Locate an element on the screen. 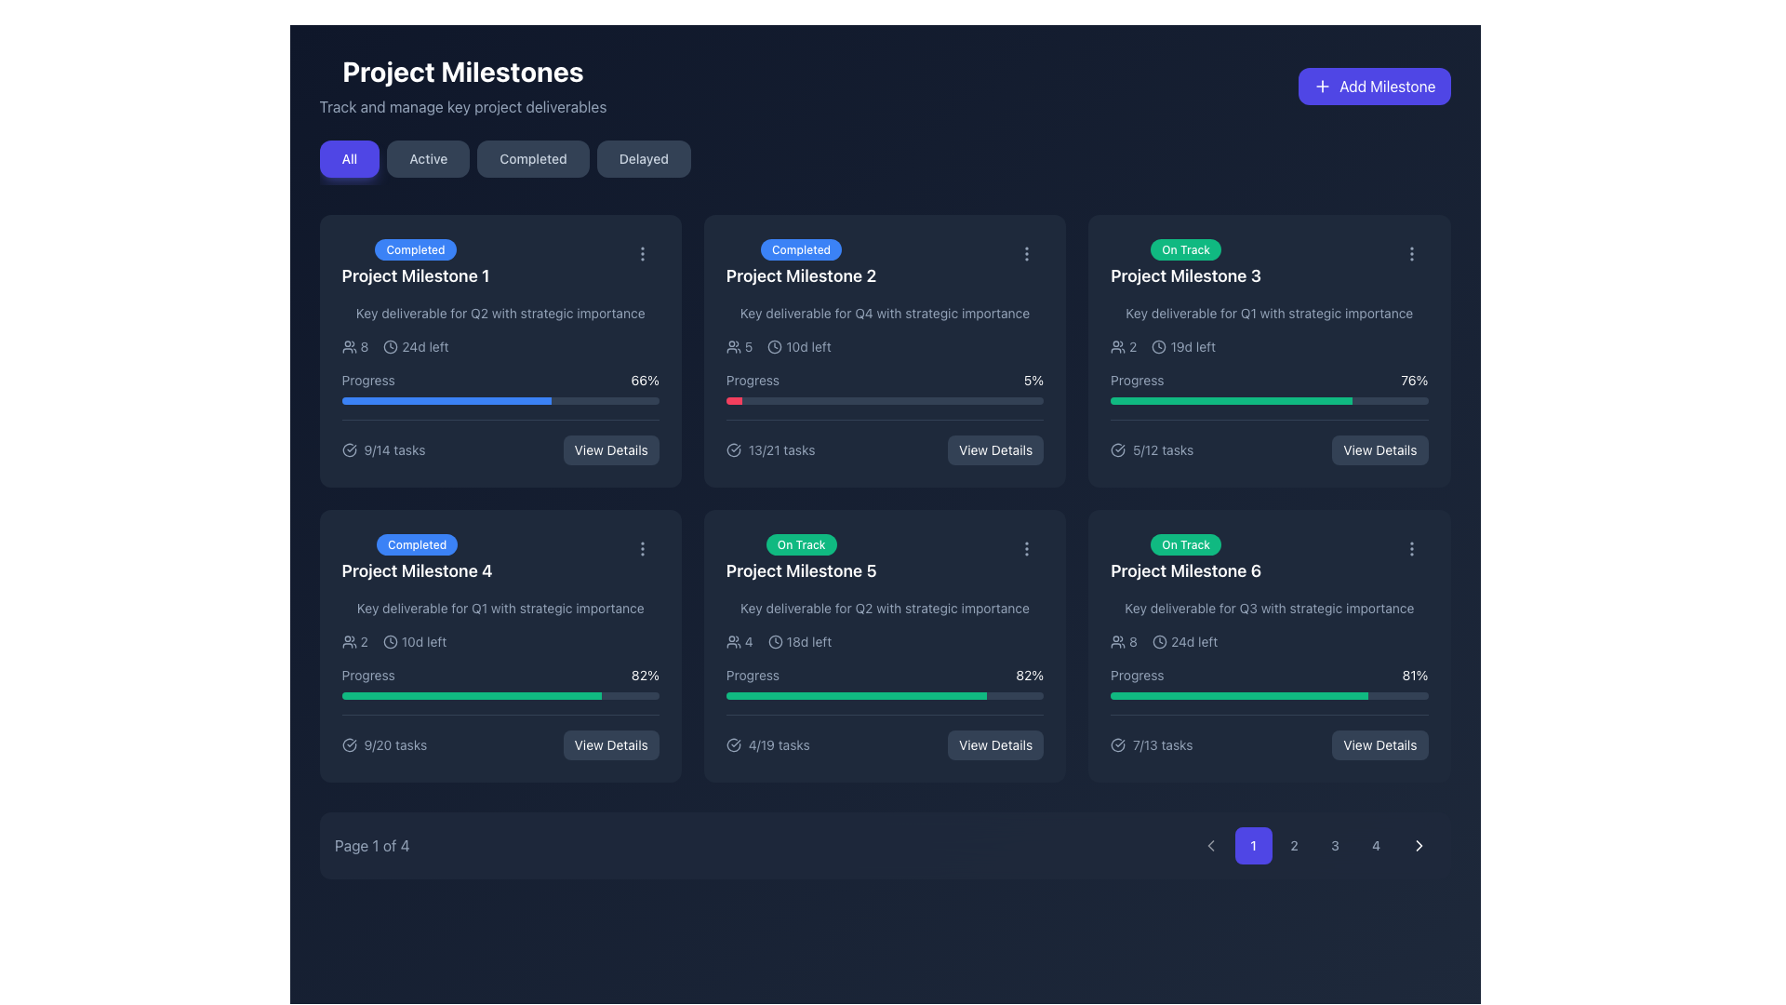 The width and height of the screenshot is (1786, 1005). the vertical ellipsis icon in the top-right corner of the 'Project Milestone 6' card is located at coordinates (1411, 548).